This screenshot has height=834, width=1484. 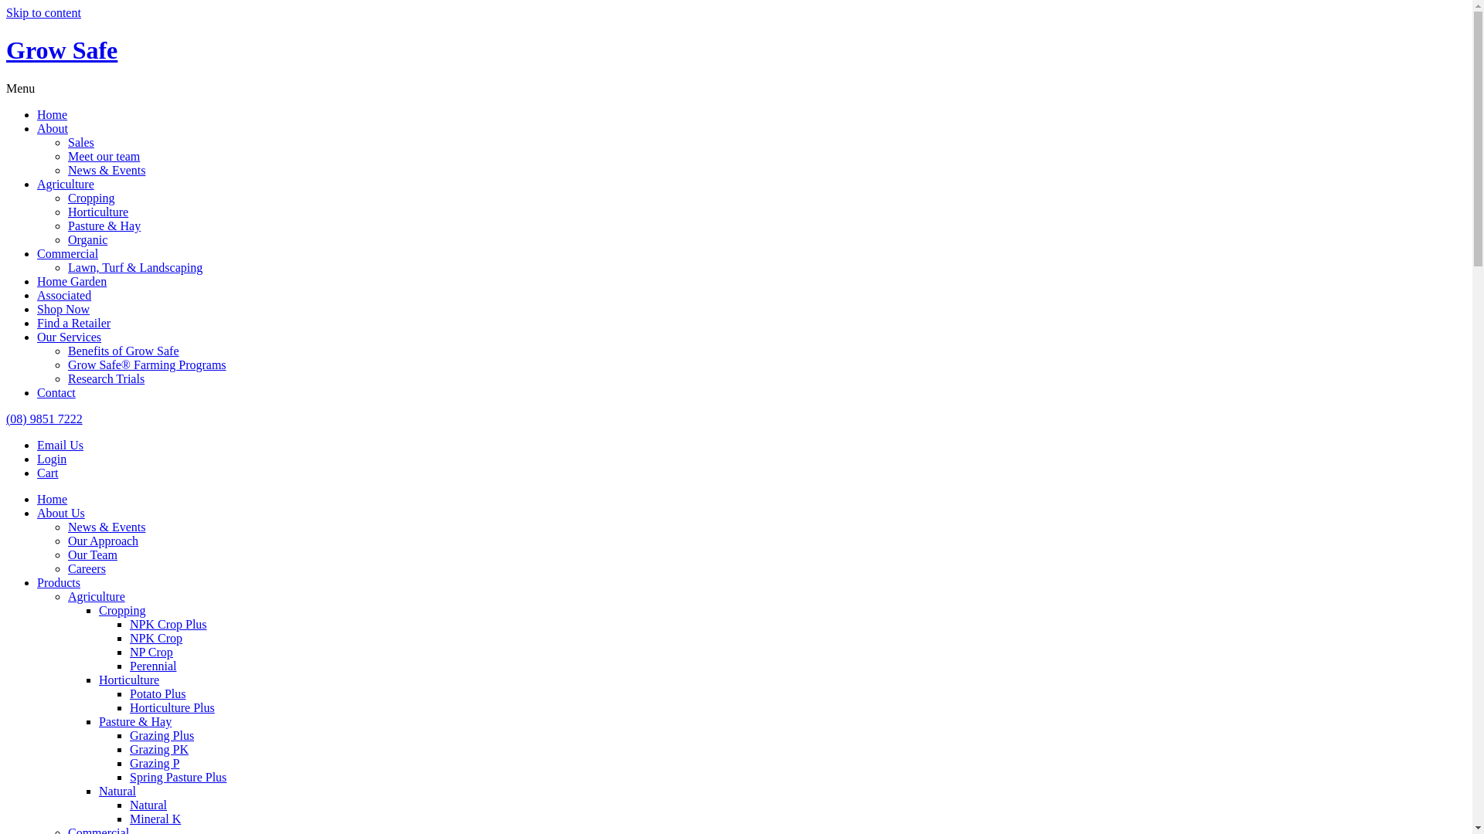 What do you see at coordinates (62, 49) in the screenshot?
I see `'Grow Safe'` at bounding box center [62, 49].